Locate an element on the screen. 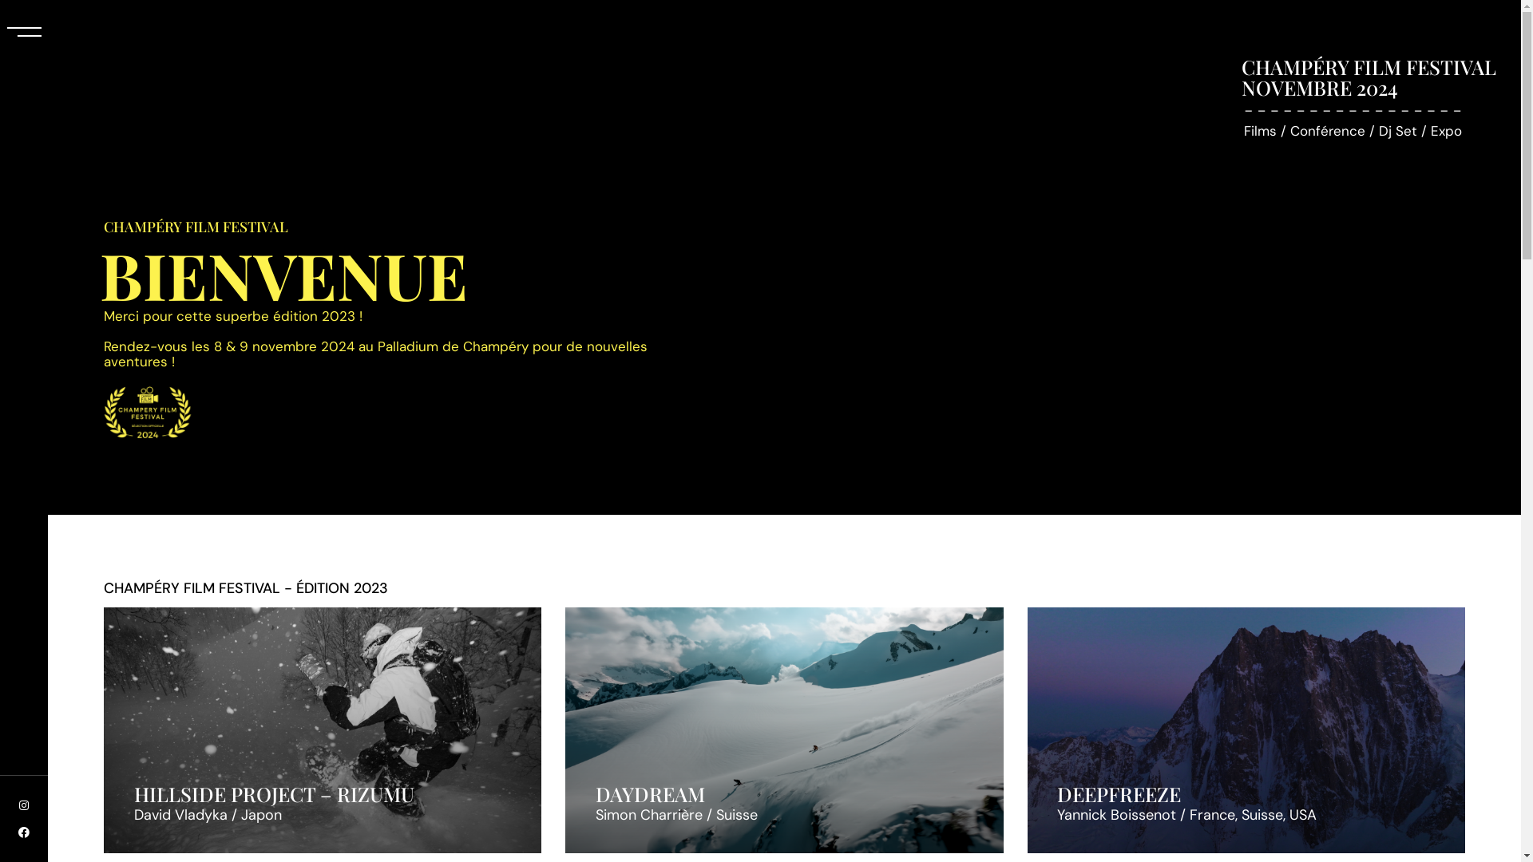 The image size is (1533, 862). 'David Vladyka' is located at coordinates (134, 816).